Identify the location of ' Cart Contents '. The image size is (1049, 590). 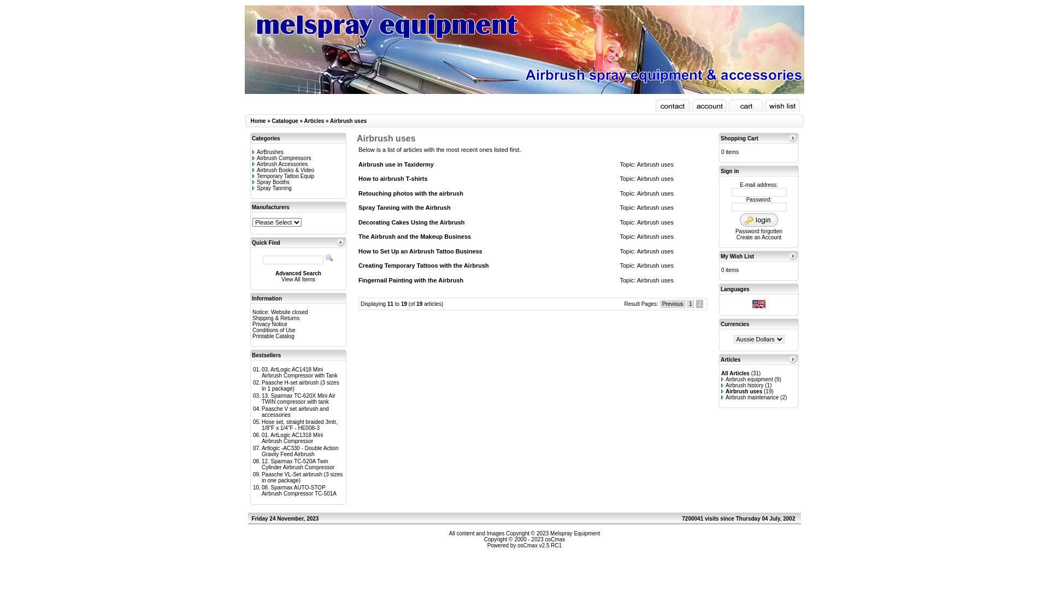
(745, 105).